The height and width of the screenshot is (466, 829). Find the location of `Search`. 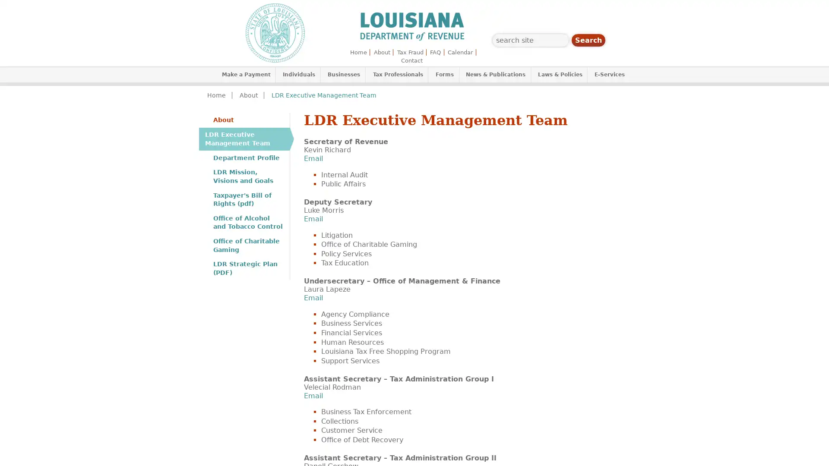

Search is located at coordinates (588, 40).